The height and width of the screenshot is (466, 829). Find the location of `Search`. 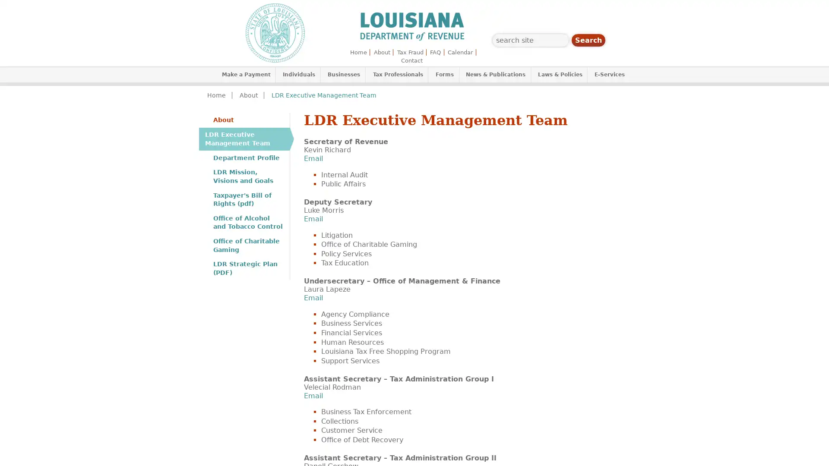

Search is located at coordinates (588, 40).